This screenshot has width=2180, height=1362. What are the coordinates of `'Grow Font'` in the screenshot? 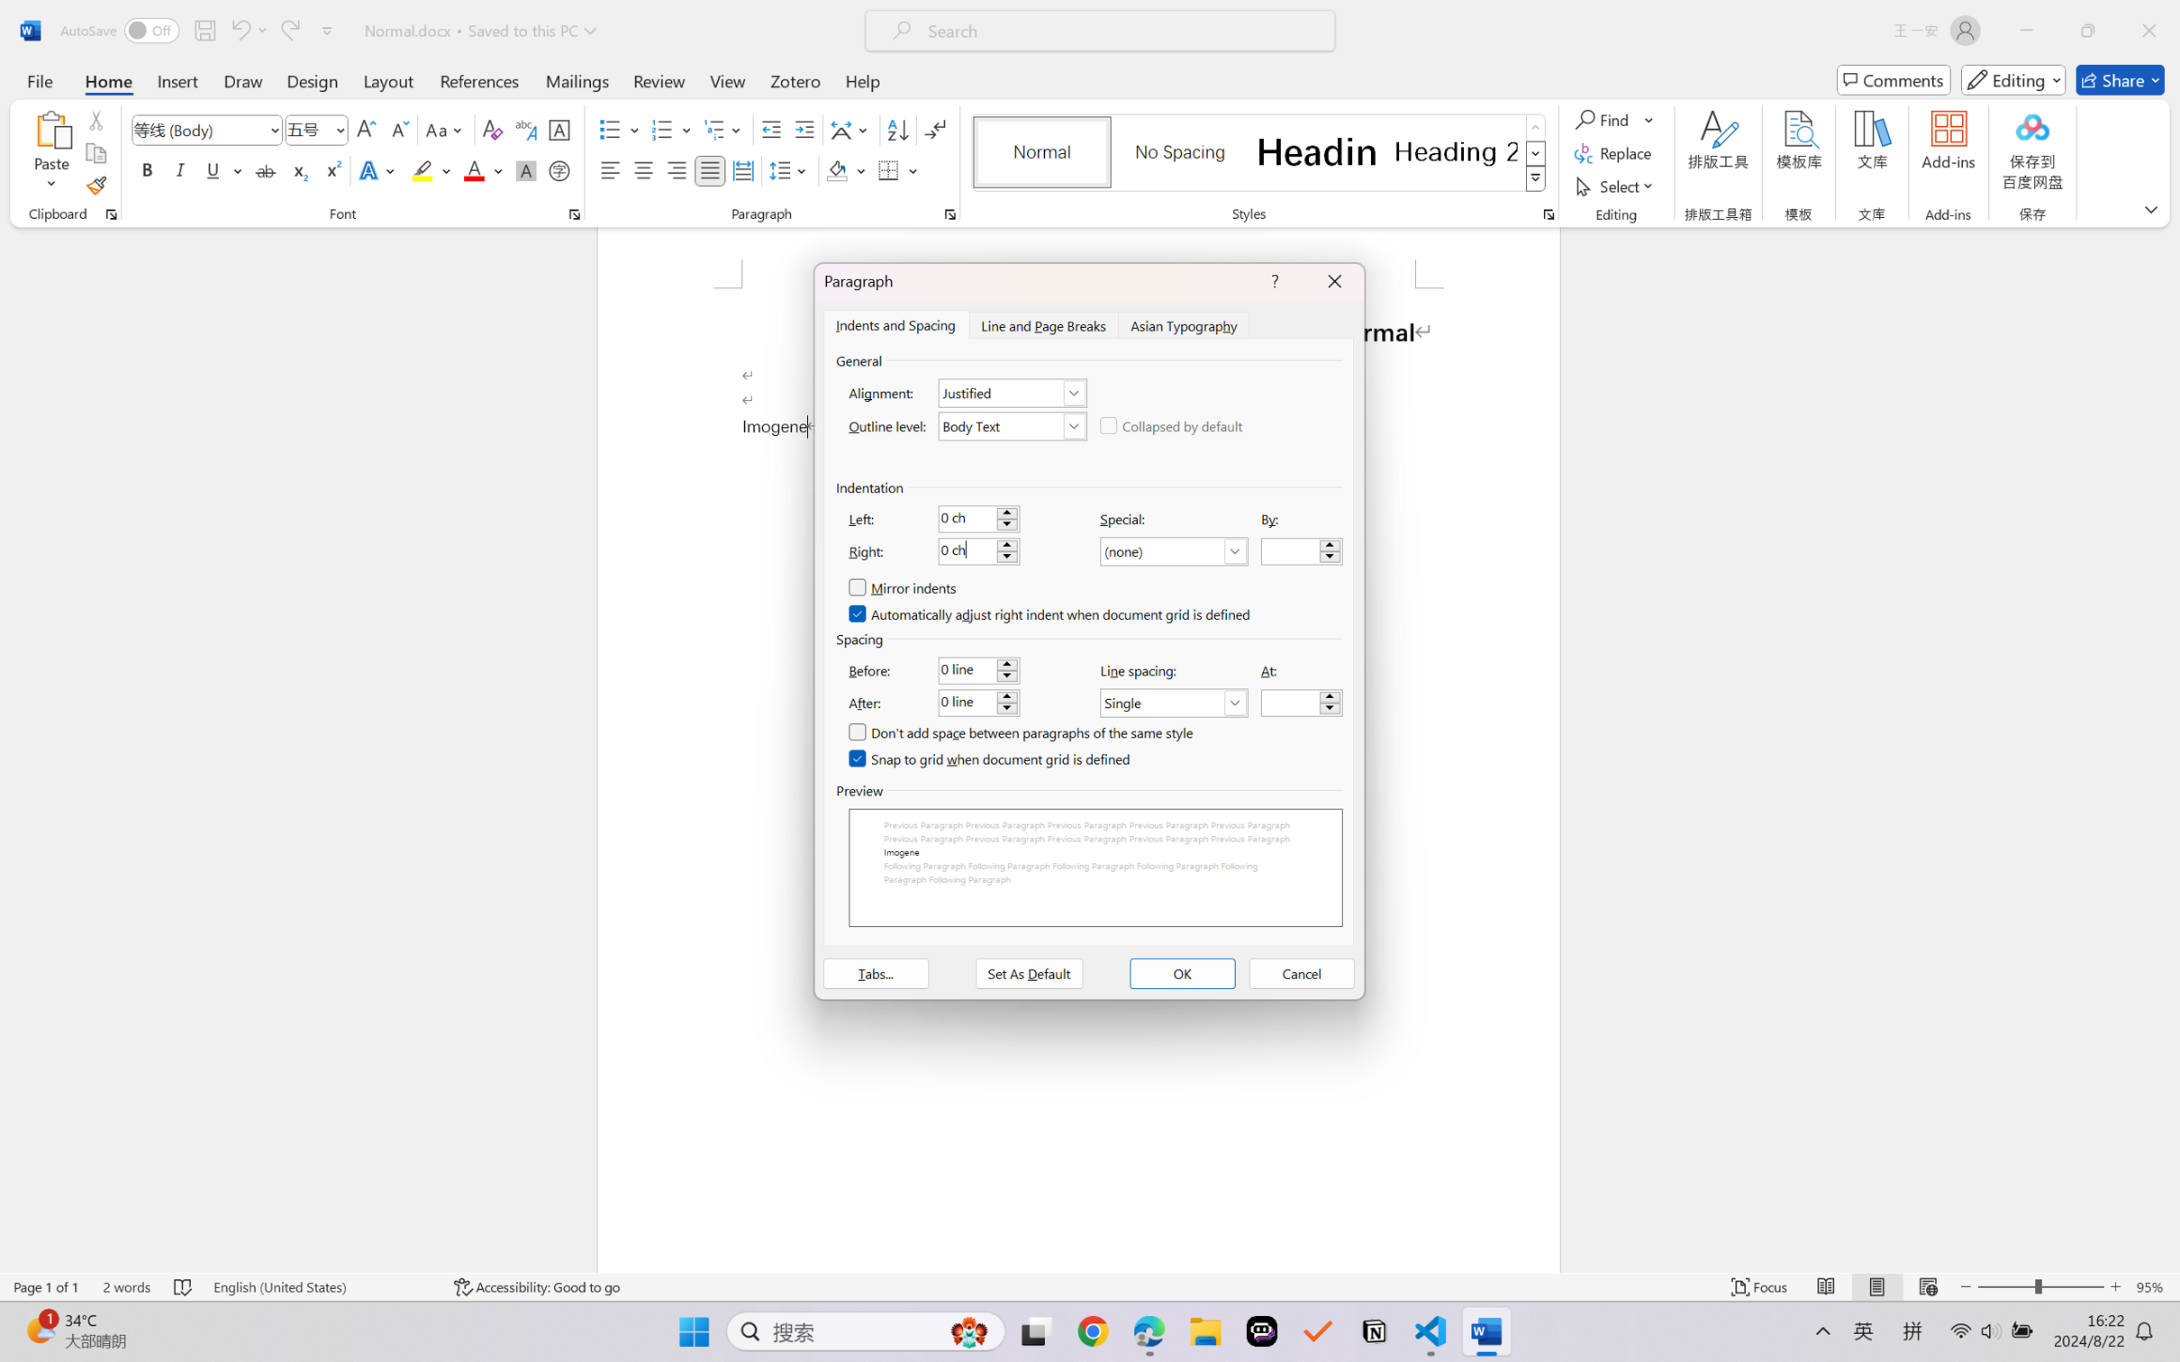 It's located at (366, 130).